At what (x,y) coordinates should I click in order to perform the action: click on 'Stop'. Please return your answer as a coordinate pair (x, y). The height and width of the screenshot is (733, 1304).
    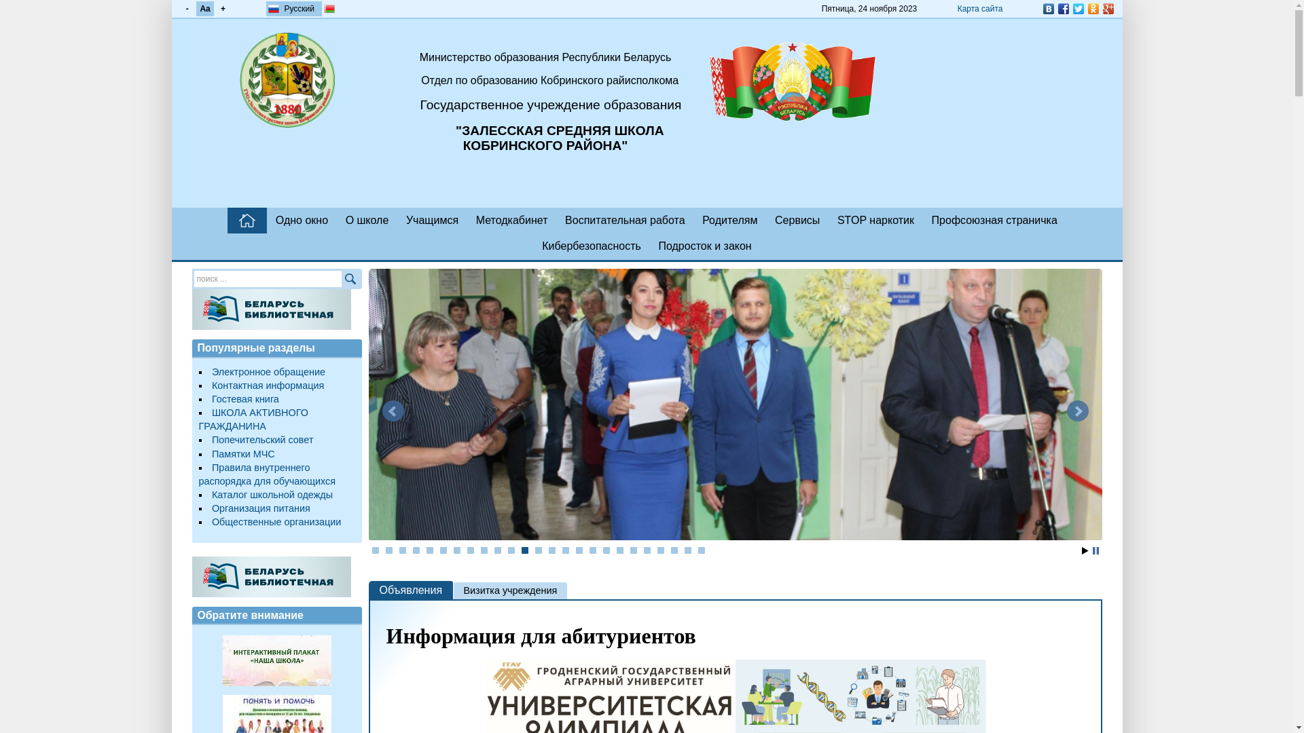
    Looking at the image, I should click on (1092, 550).